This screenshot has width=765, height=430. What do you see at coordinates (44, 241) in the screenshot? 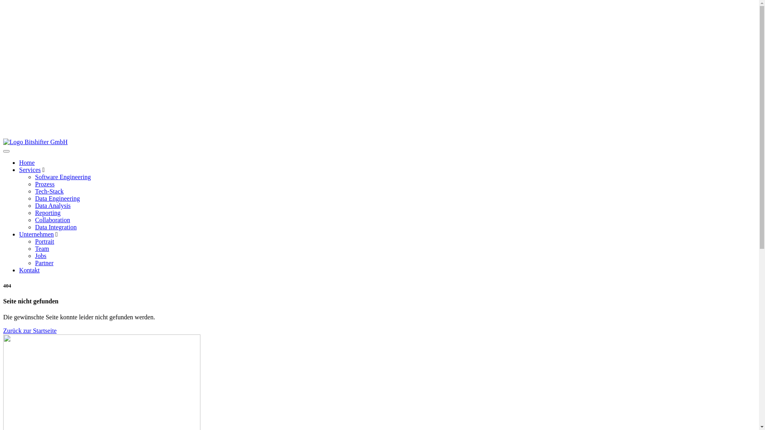
I see `'Portrait'` at bounding box center [44, 241].